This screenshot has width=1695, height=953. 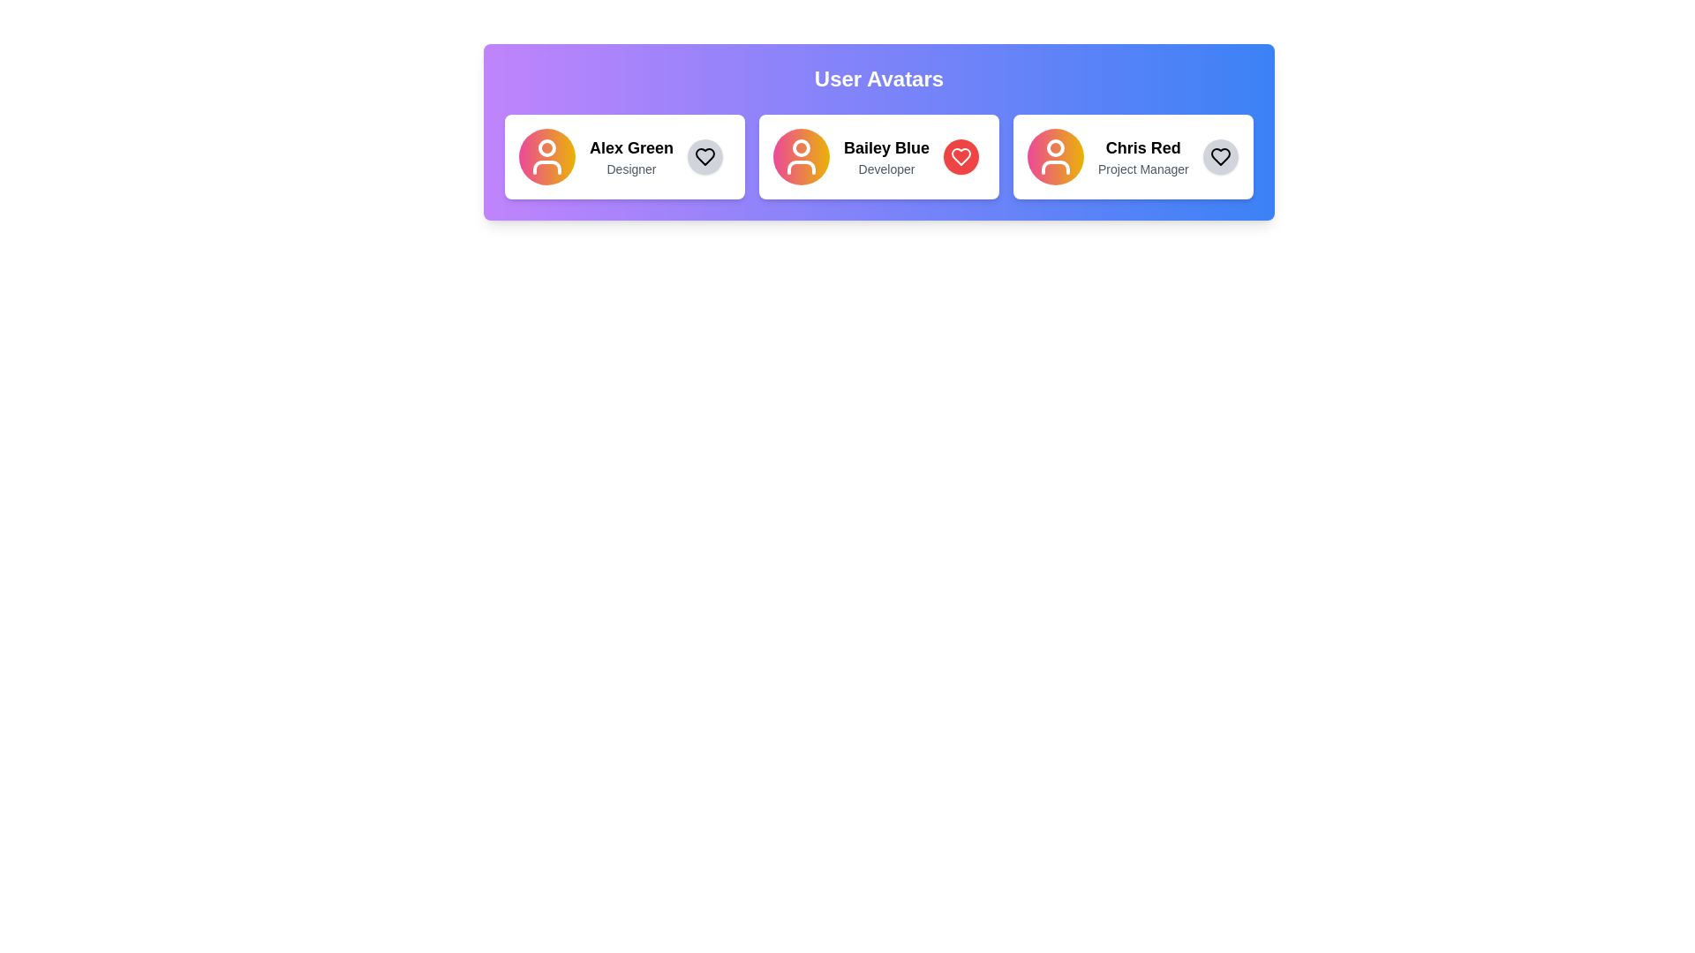 What do you see at coordinates (879, 131) in the screenshot?
I see `the second section of the user profile display area, which presents user details such as name and role` at bounding box center [879, 131].